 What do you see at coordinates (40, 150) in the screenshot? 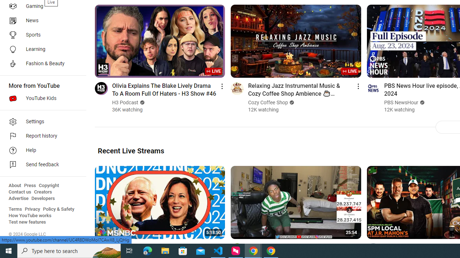
I see `'Help'` at bounding box center [40, 150].